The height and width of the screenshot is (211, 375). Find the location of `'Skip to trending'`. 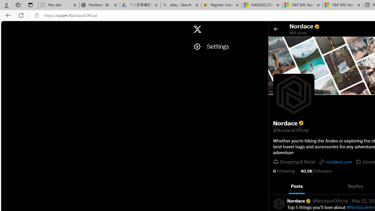

'Skip to trending' is located at coordinates (6, 26).